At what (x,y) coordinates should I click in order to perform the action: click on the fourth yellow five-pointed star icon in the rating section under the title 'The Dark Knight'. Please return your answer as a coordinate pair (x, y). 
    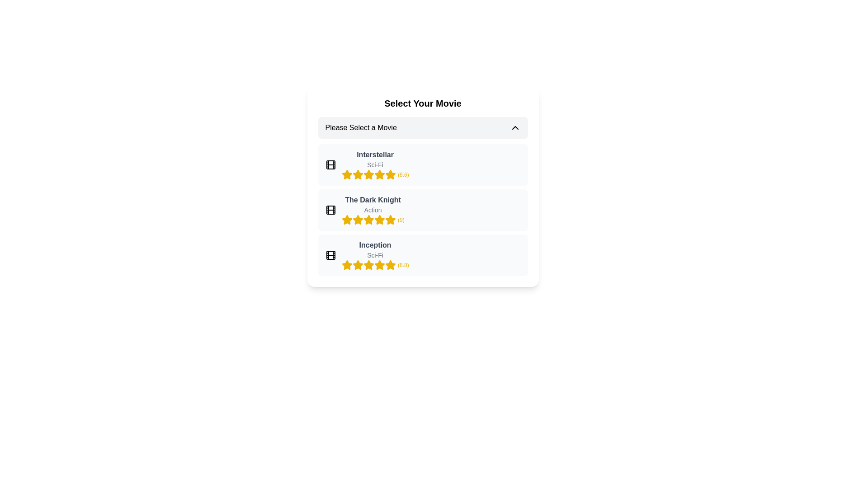
    Looking at the image, I should click on (368, 220).